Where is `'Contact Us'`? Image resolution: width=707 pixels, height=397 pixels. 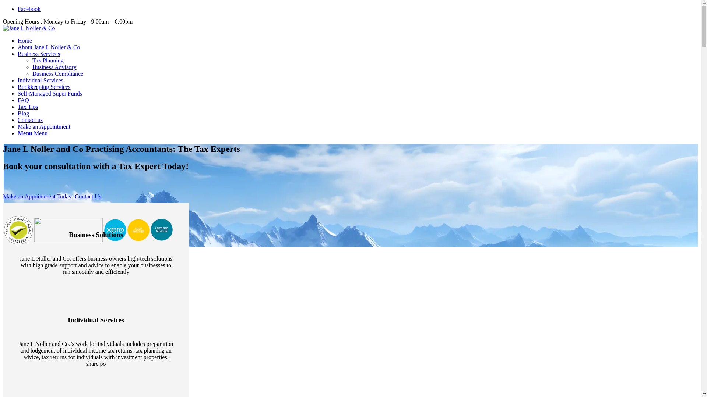
'Contact Us' is located at coordinates (88, 196).